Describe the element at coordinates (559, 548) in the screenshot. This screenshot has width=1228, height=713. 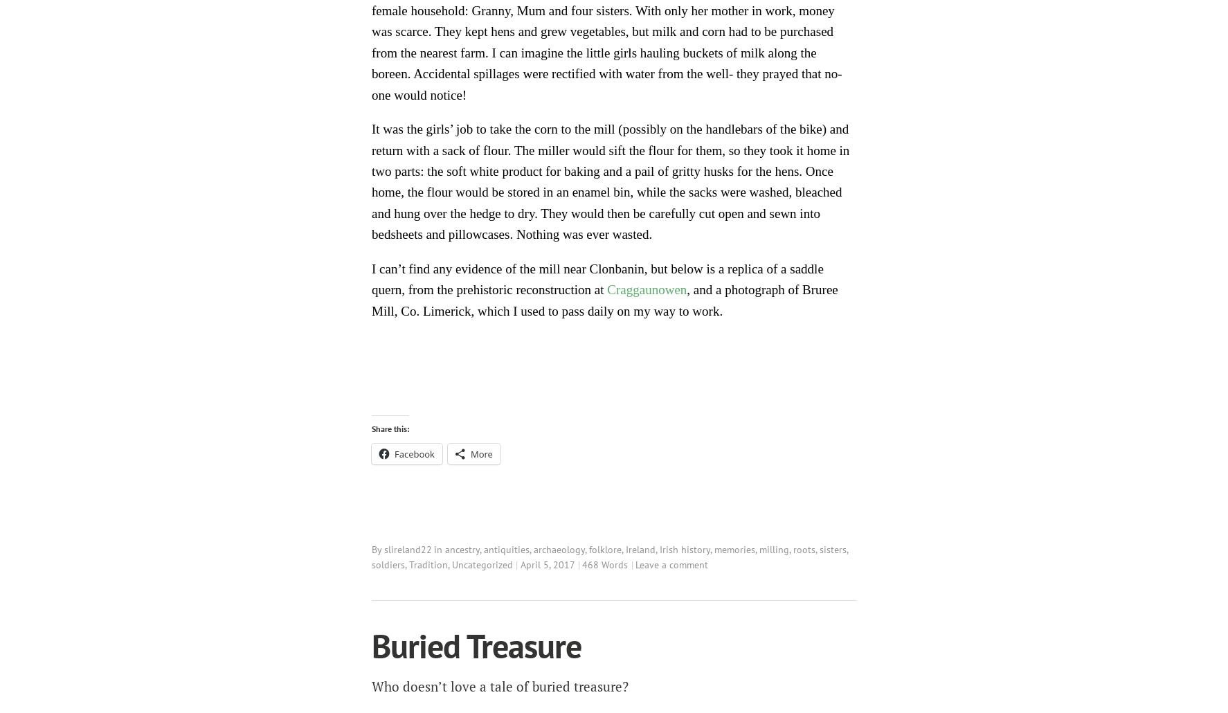
I see `'archaeology'` at that location.